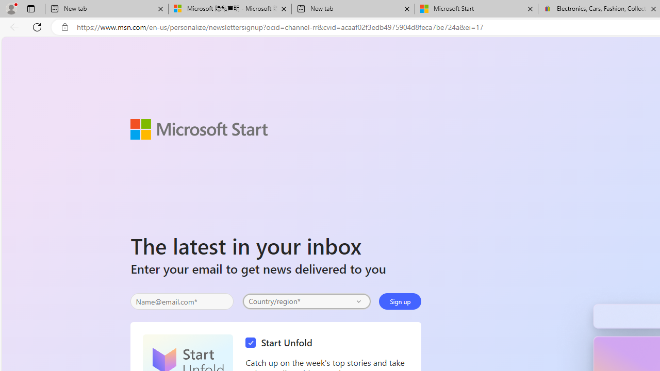  What do you see at coordinates (306, 301) in the screenshot?
I see `'Select your country'` at bounding box center [306, 301].